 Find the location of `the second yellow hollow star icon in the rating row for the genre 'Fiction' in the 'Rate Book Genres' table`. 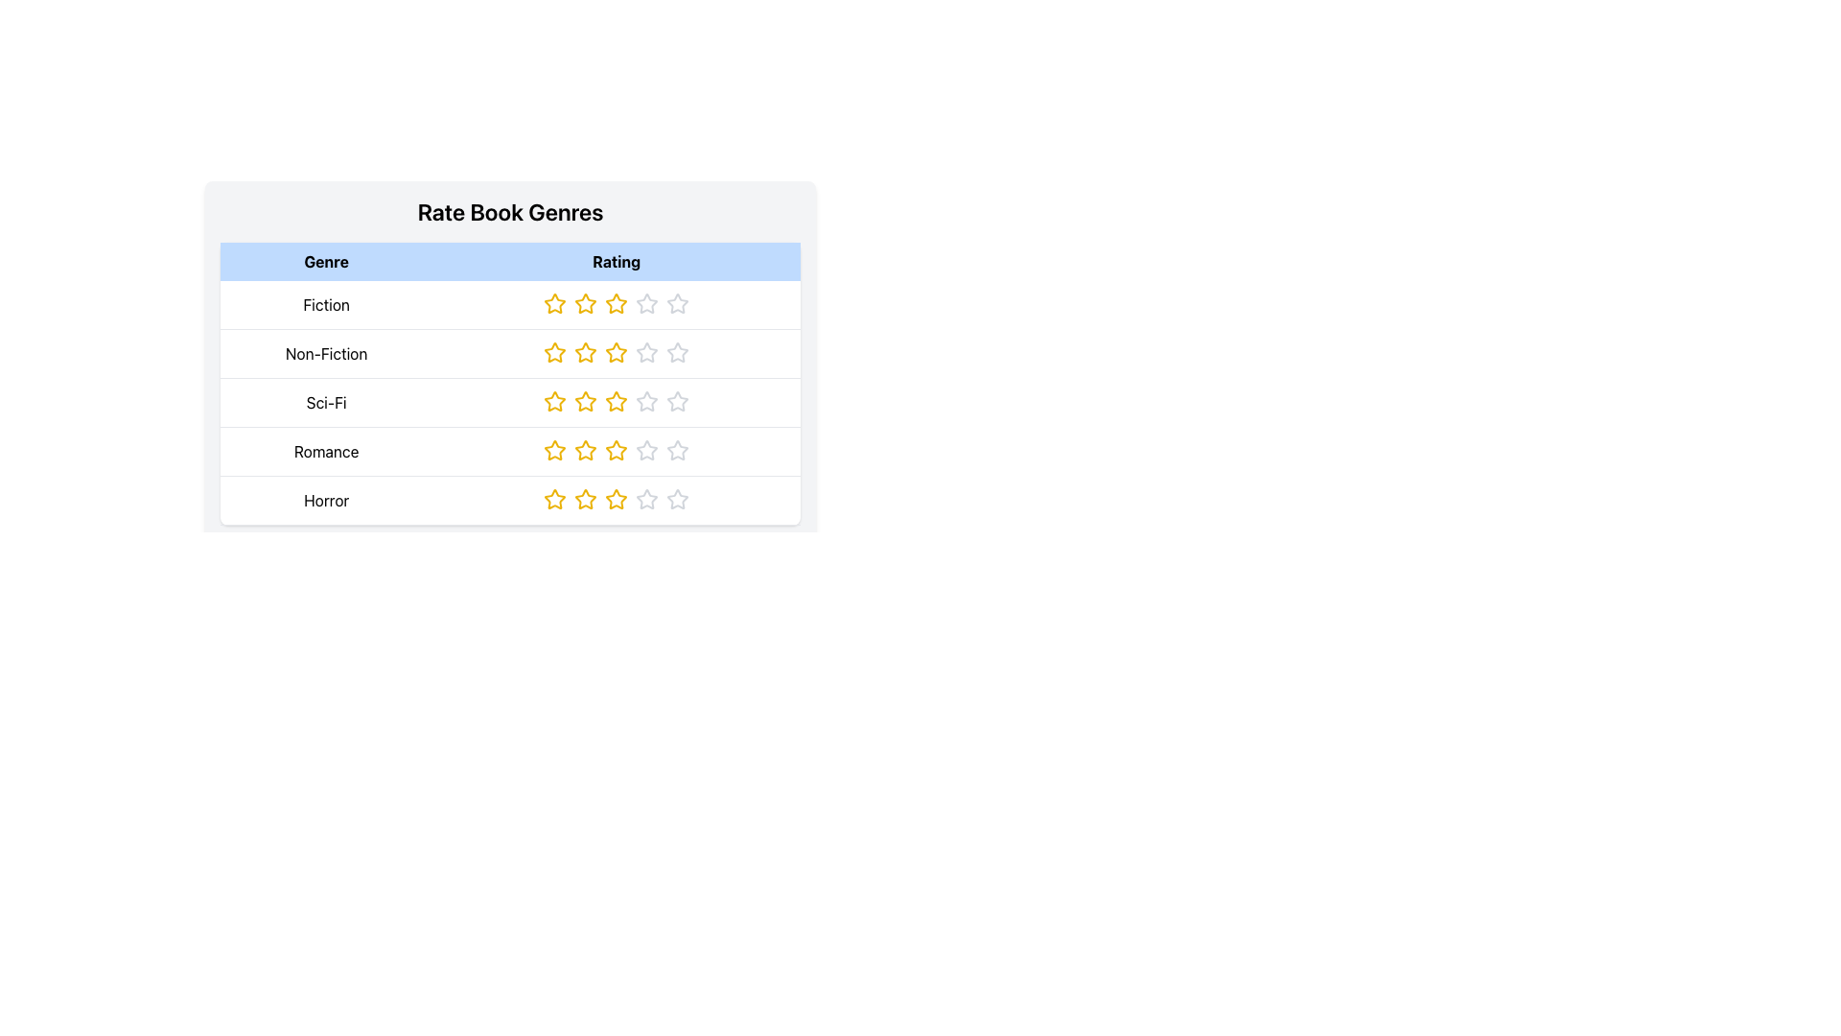

the second yellow hollow star icon in the rating row for the genre 'Fiction' in the 'Rate Book Genres' table is located at coordinates (554, 302).